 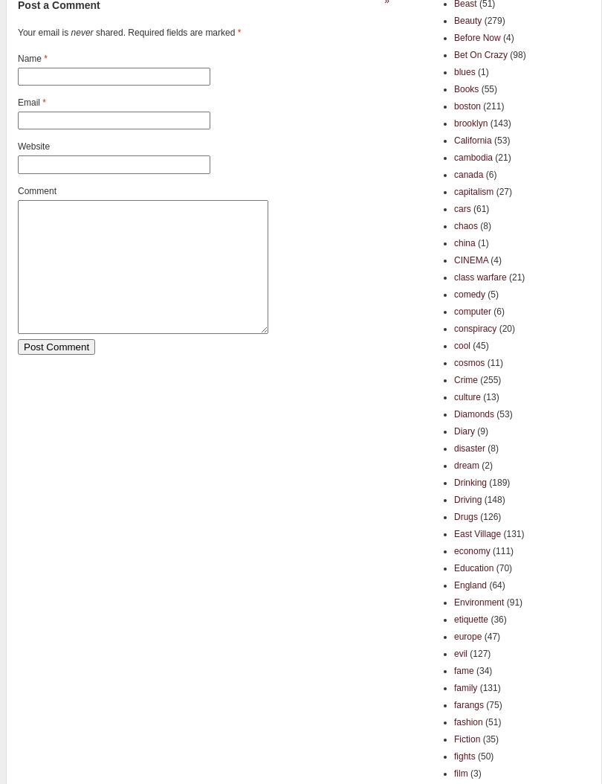 What do you see at coordinates (465, 379) in the screenshot?
I see `'Crime'` at bounding box center [465, 379].